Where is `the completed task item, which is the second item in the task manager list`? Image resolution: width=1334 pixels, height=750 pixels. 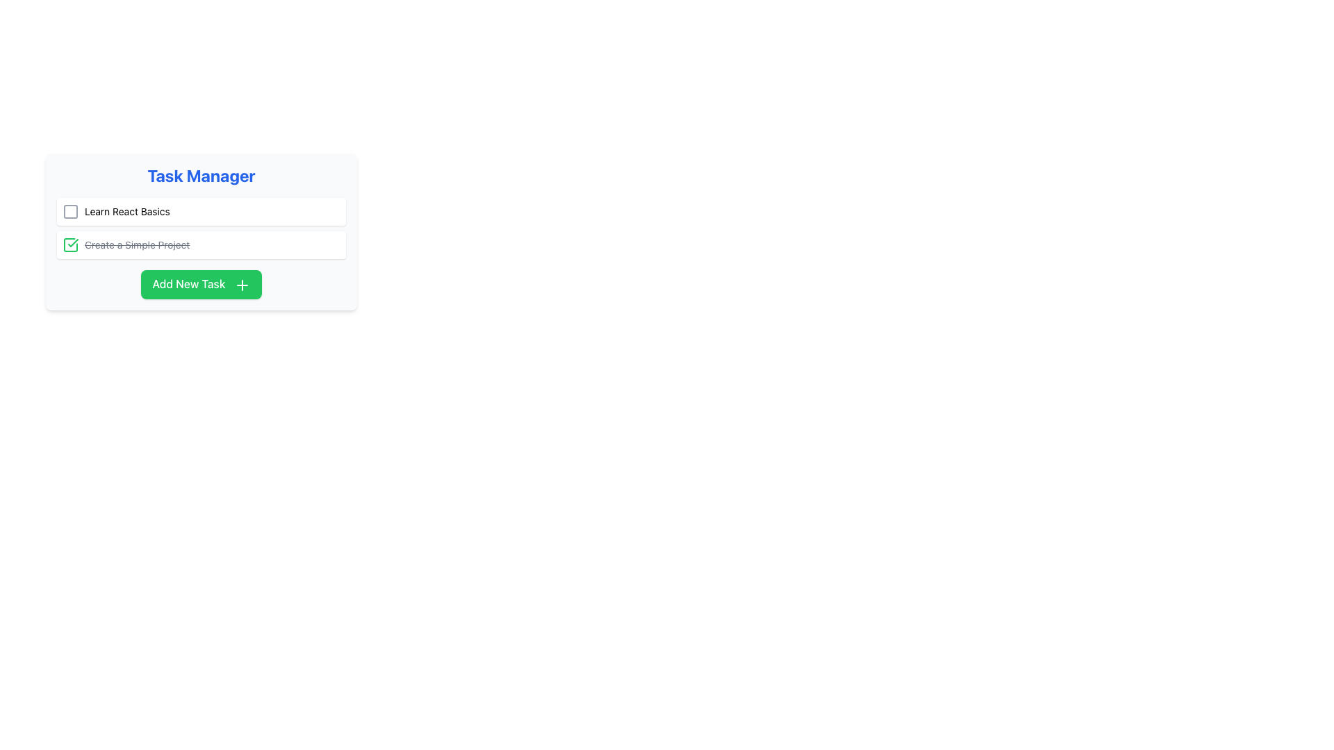 the completed task item, which is the second item in the task manager list is located at coordinates (200, 244).